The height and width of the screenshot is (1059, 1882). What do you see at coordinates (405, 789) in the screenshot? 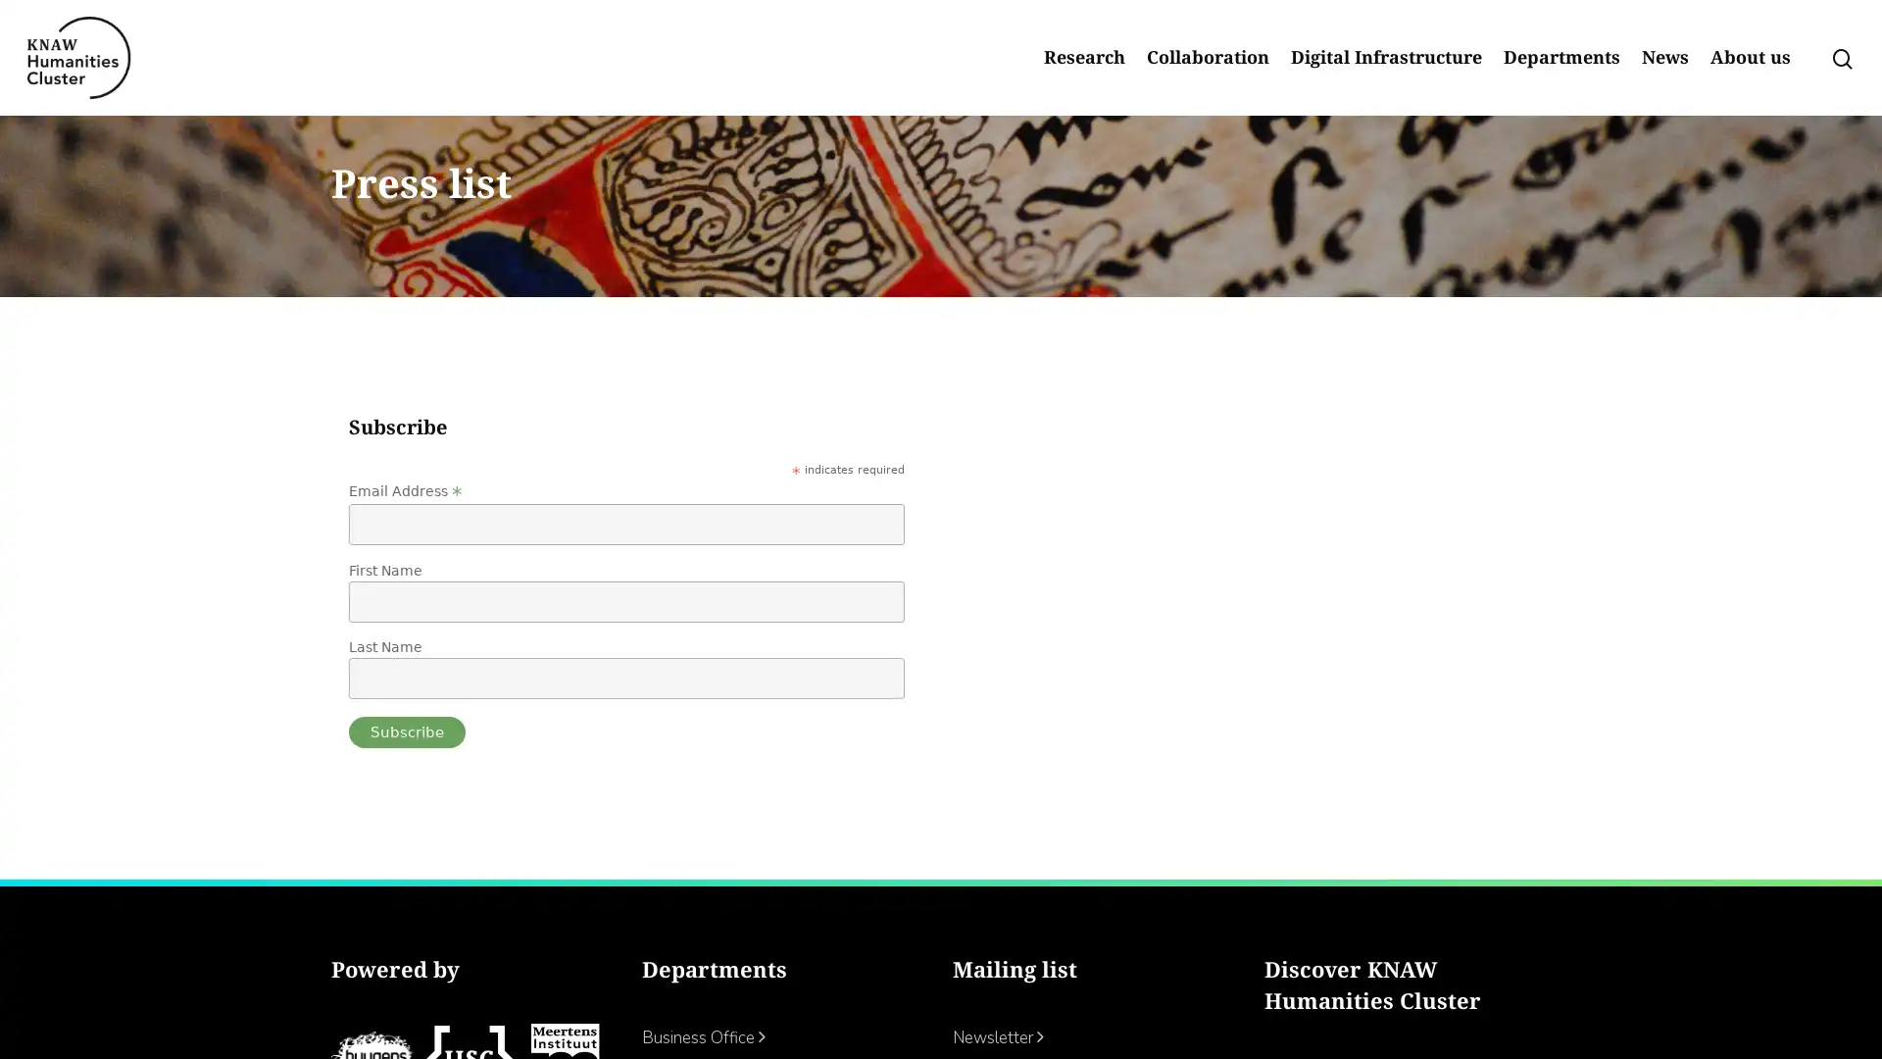
I see `Subscribe` at bounding box center [405, 789].